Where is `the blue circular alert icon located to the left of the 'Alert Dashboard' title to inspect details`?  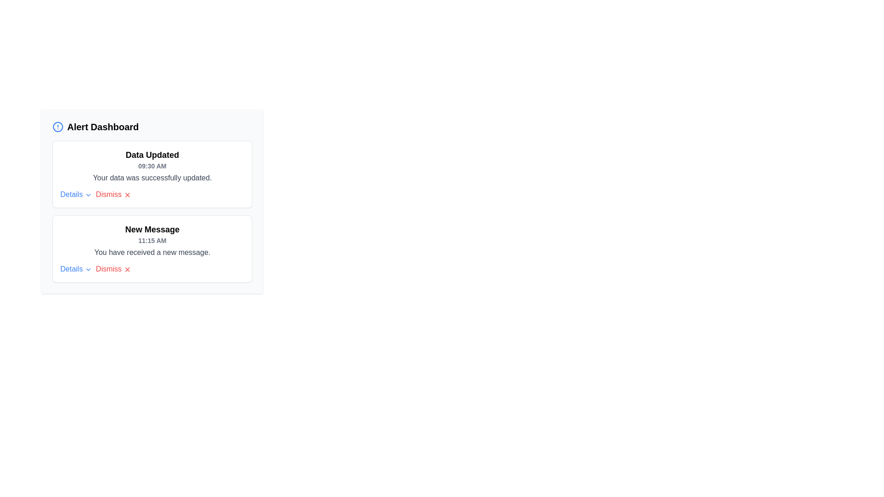 the blue circular alert icon located to the left of the 'Alert Dashboard' title to inspect details is located at coordinates (57, 127).